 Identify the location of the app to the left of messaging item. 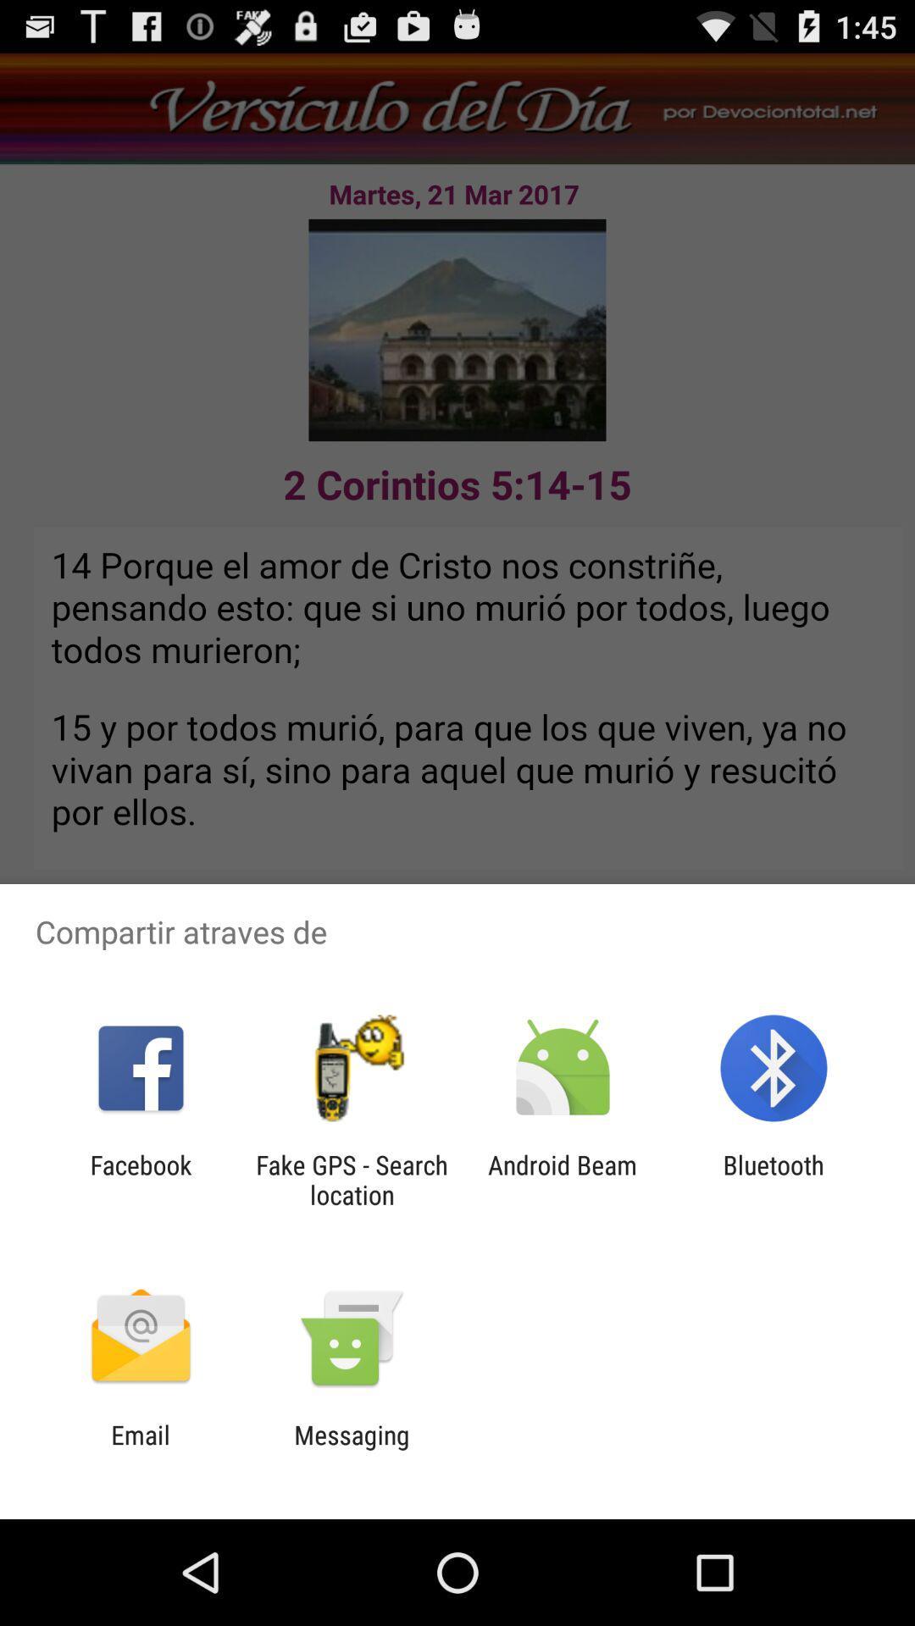
(140, 1449).